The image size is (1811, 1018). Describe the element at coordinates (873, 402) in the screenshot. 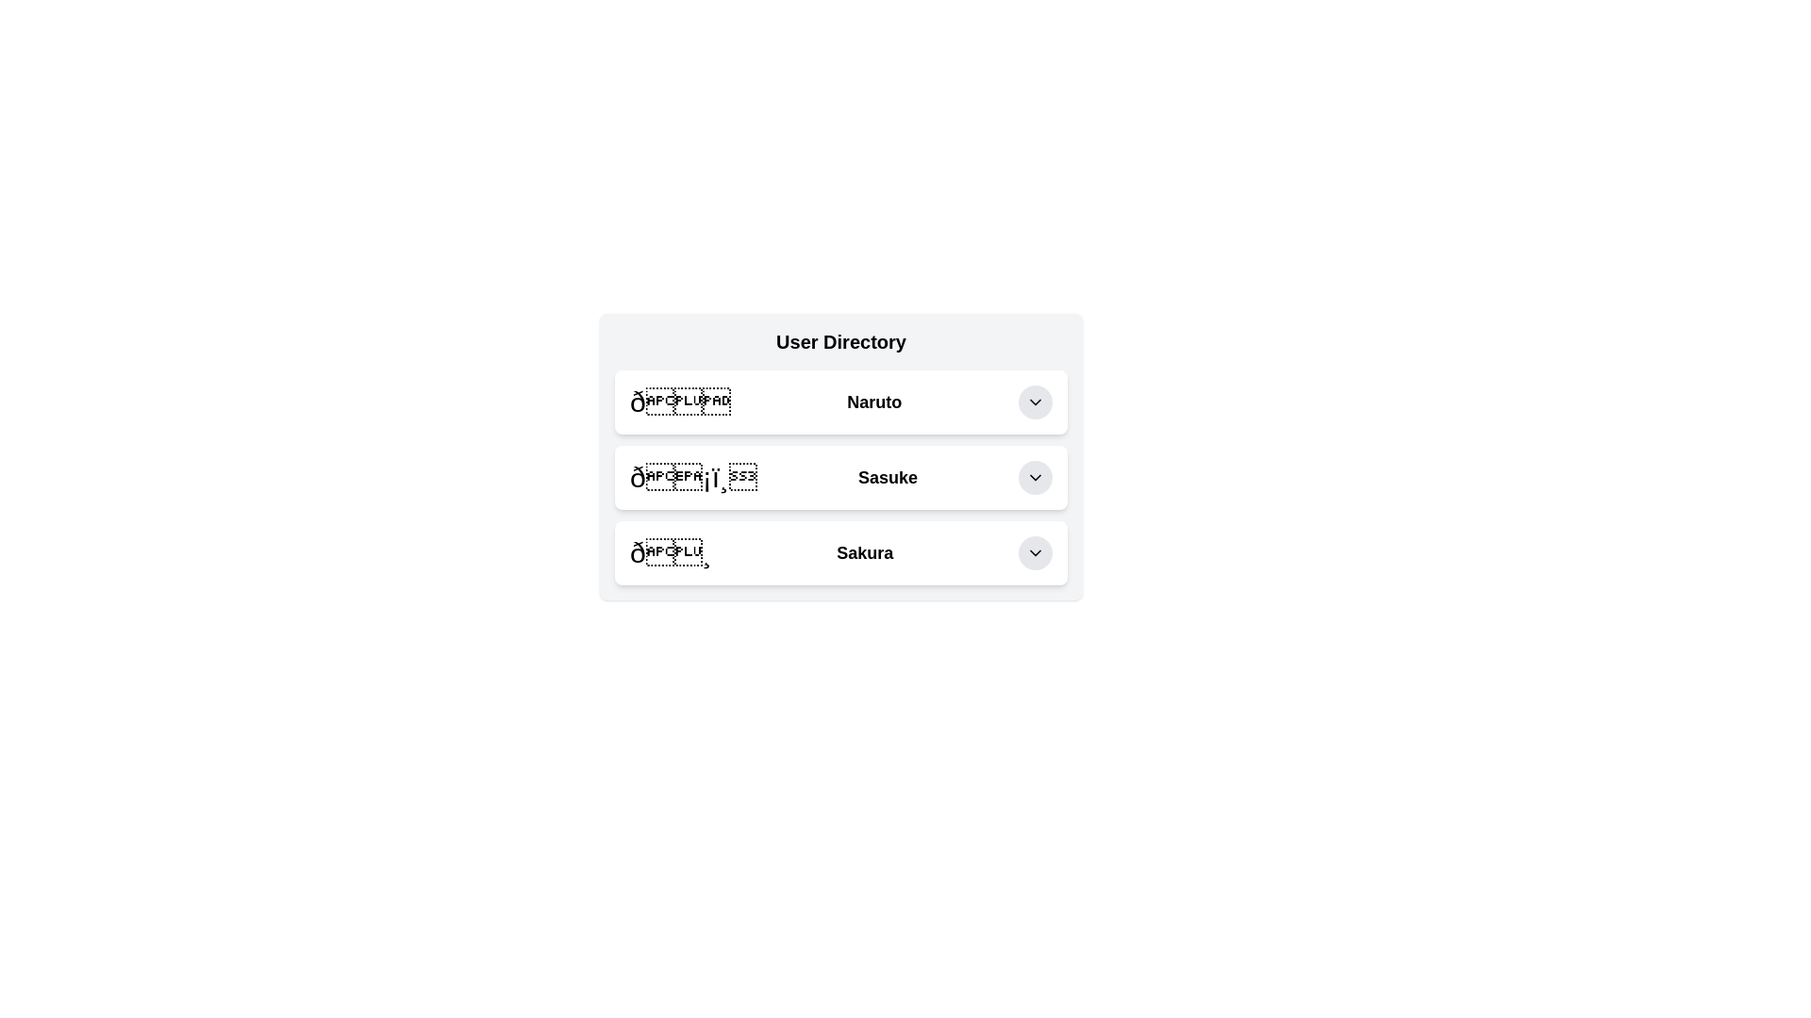

I see `the text label displaying the name 'Naruto' in the User Directory, which is located between a globe emoji icon and a dropdown button` at that location.